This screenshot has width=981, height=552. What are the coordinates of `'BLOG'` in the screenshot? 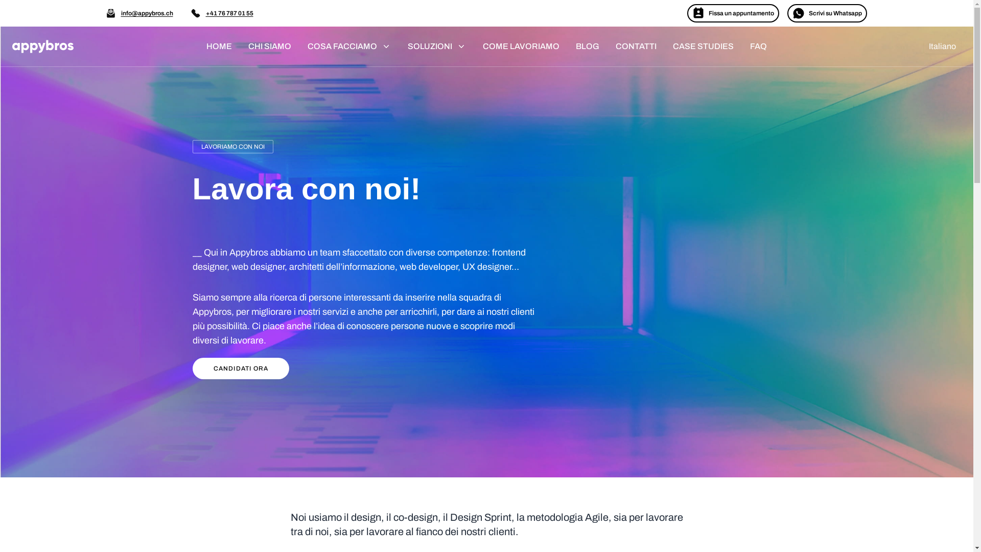 It's located at (588, 47).